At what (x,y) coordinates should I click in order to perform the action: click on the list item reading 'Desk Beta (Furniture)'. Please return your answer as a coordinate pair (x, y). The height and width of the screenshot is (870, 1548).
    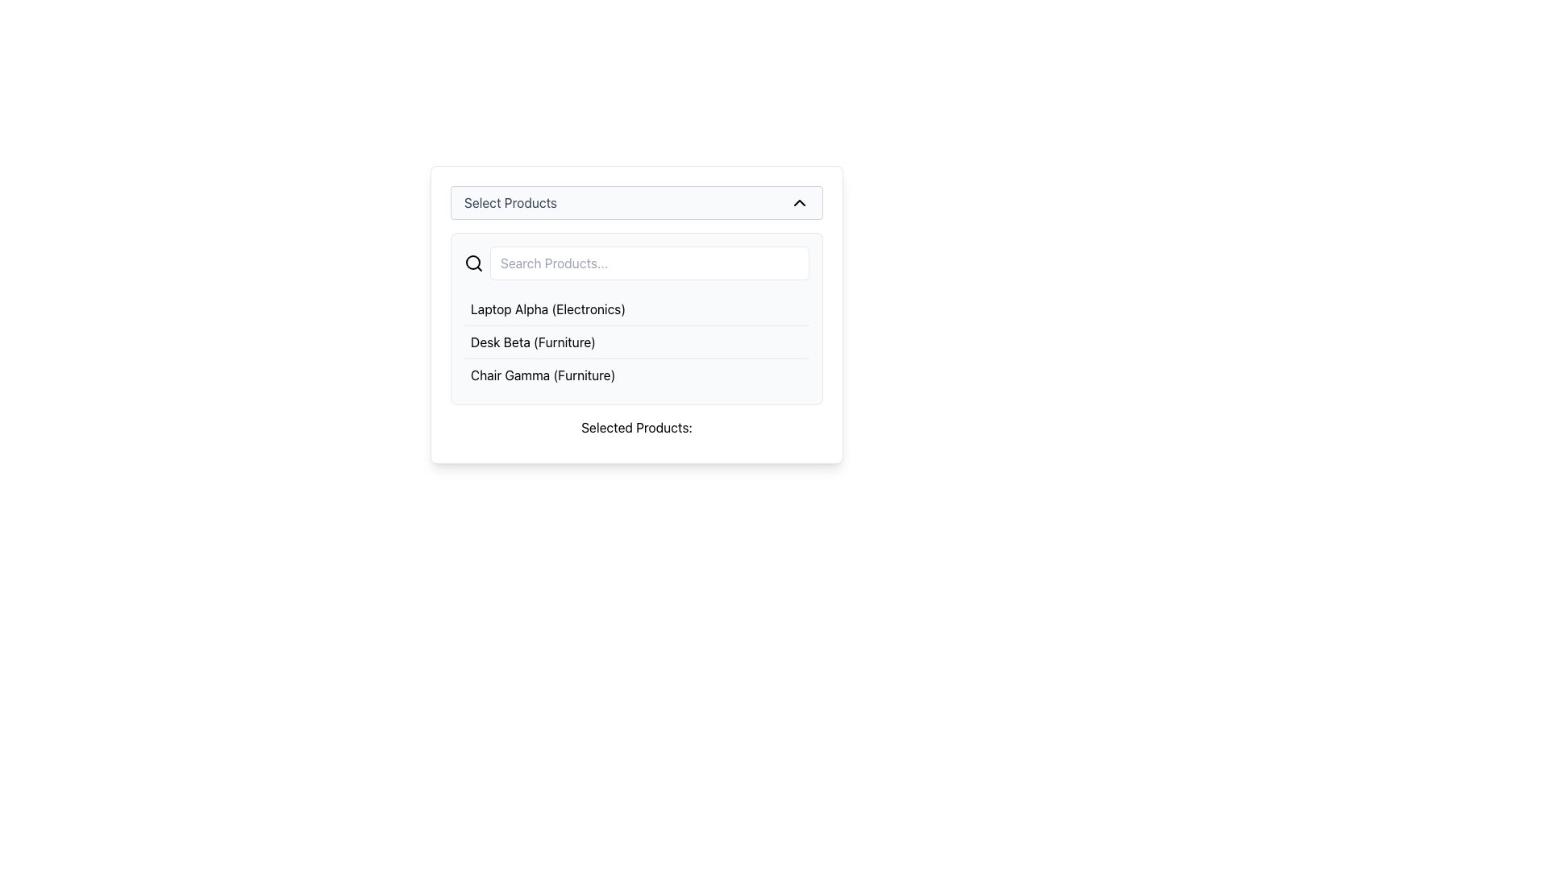
    Looking at the image, I should click on (636, 341).